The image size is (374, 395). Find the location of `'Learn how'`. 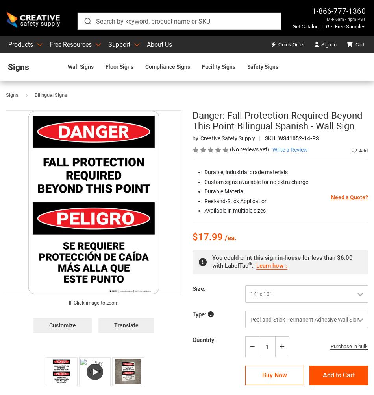

'Learn how' is located at coordinates (270, 265).